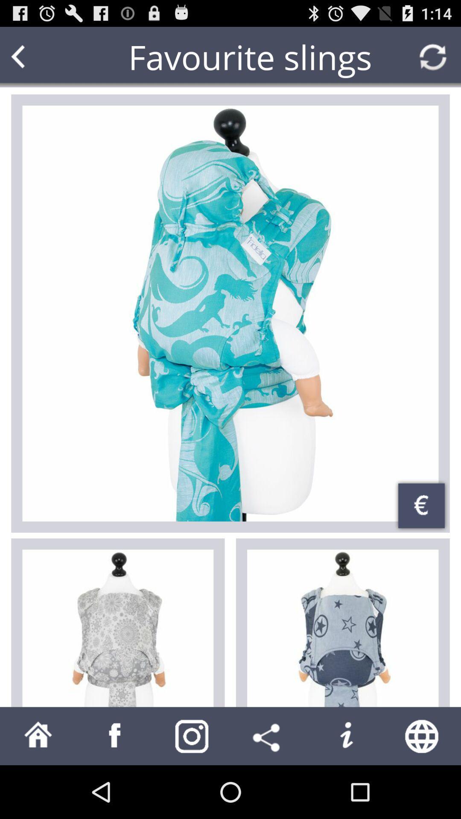  Describe the element at coordinates (115, 735) in the screenshot. I see `app link` at that location.